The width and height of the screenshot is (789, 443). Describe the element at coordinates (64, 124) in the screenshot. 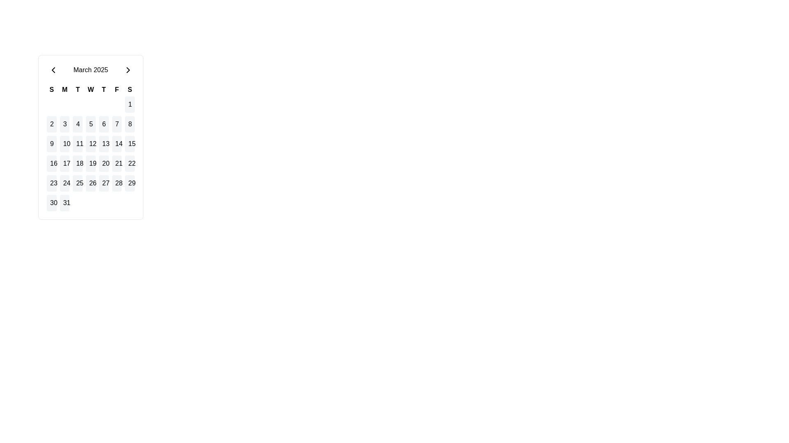

I see `the interactive calendar date cell representing the third day of the month for additional options` at that location.